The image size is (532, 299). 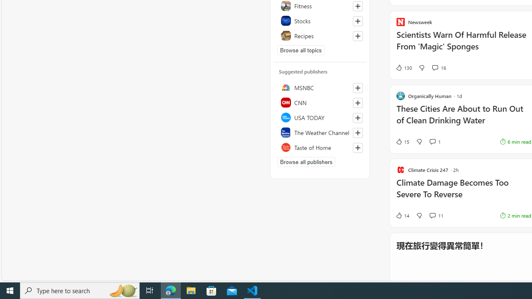 I want to click on 'View comments 11 Comment', so click(x=432, y=215).